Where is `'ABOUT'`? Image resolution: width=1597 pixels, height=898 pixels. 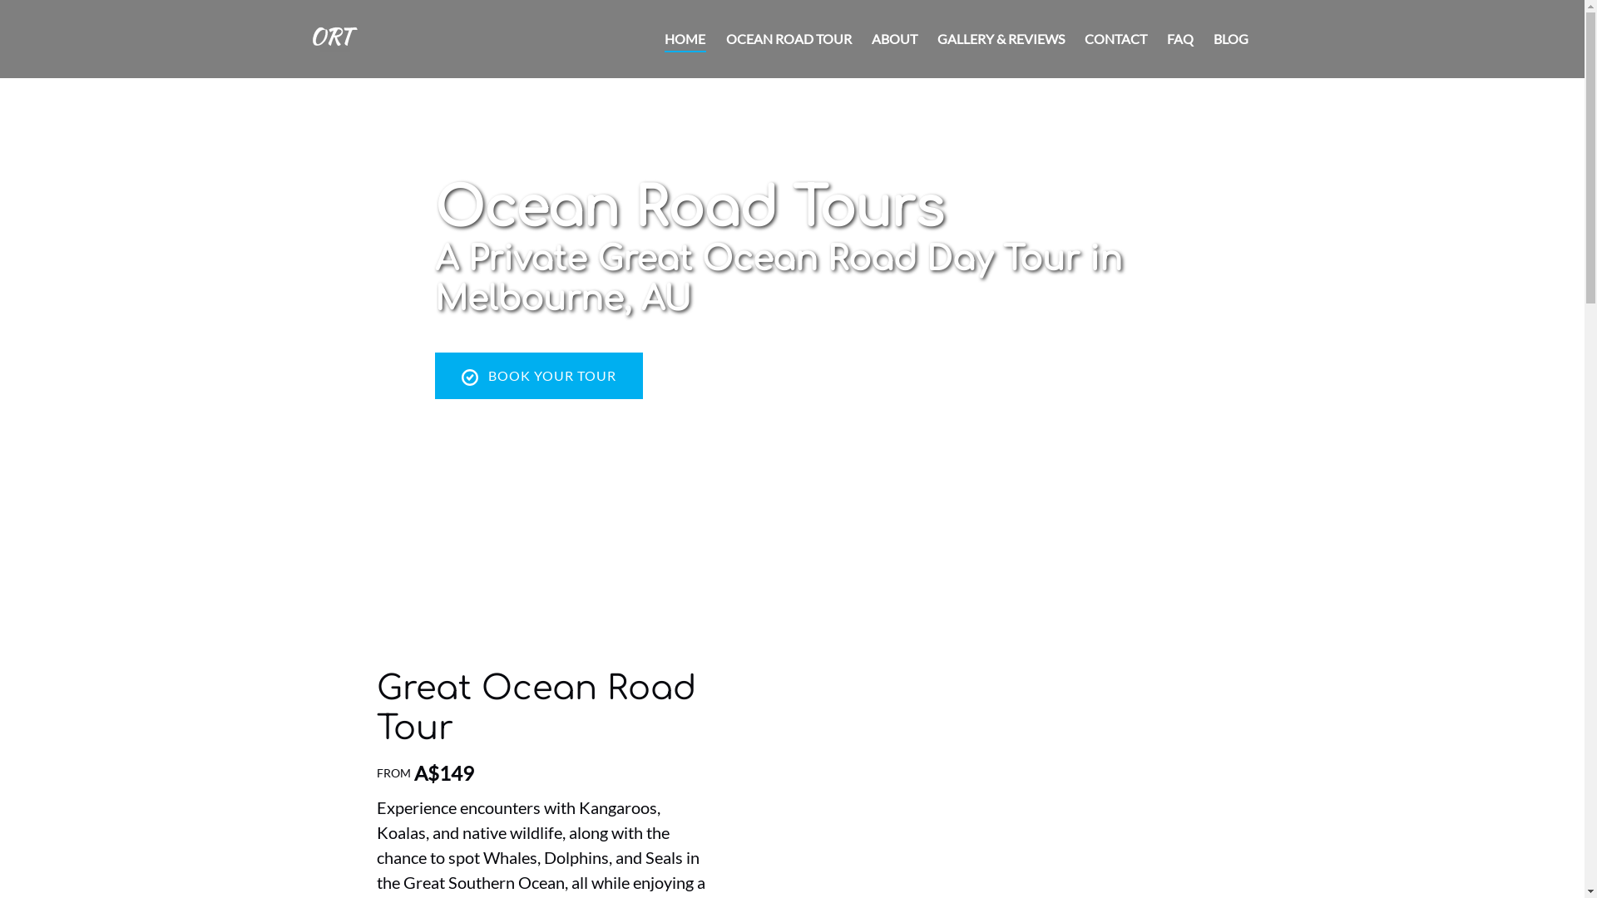 'ABOUT' is located at coordinates (862, 37).